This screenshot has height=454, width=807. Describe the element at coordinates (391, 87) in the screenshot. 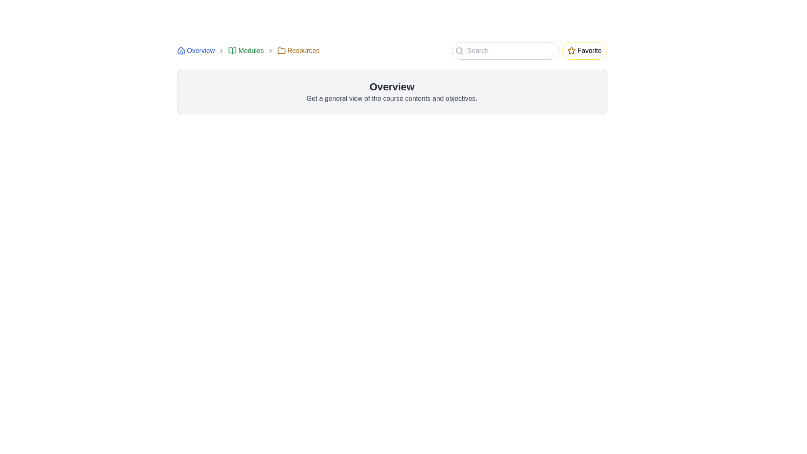

I see `the Text Label element that serves` at that location.